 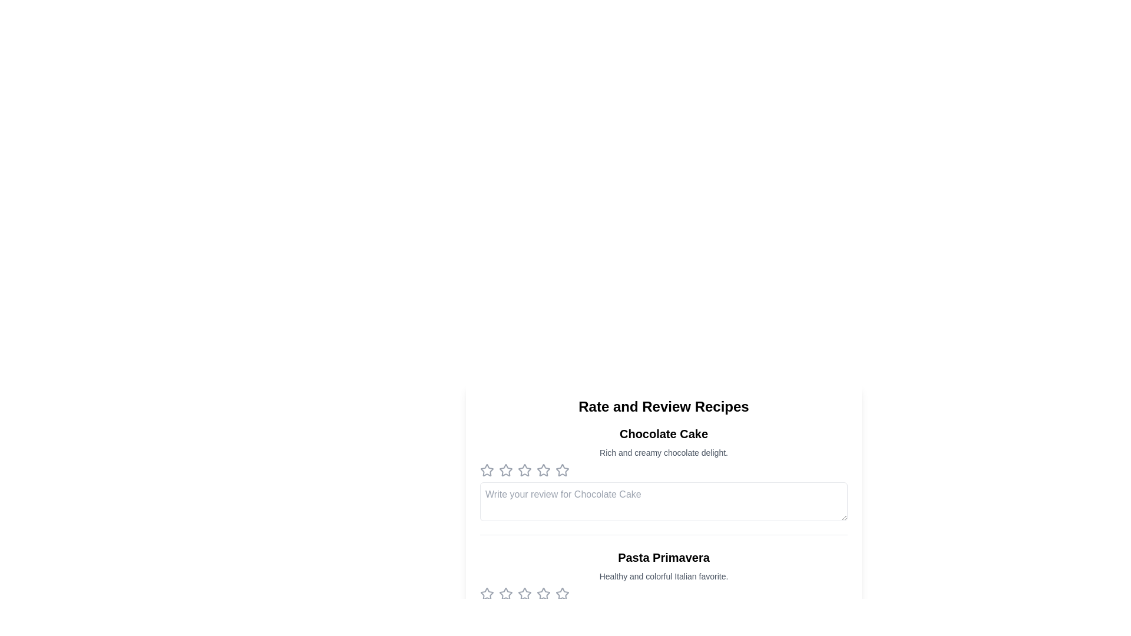 I want to click on the first star icon used for rating under the 'Pasta Primavera' section in the 'Rate and Review Recipes' interface, so click(x=505, y=593).